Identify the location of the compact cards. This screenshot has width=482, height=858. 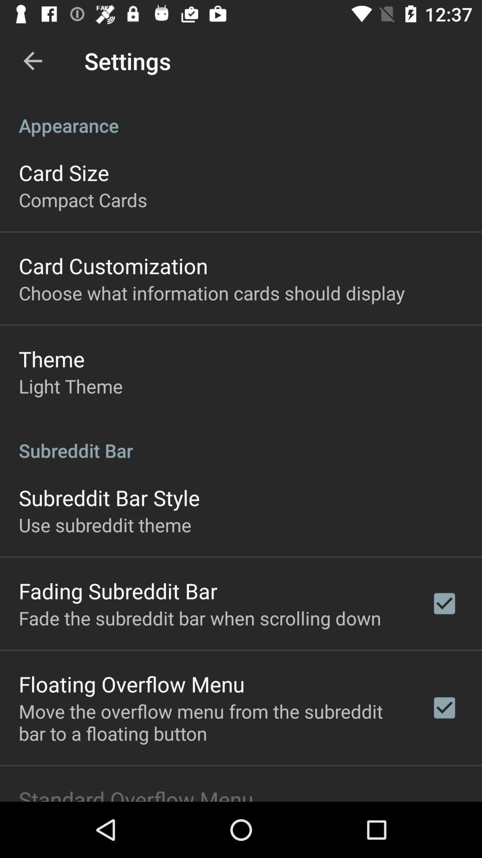
(83, 199).